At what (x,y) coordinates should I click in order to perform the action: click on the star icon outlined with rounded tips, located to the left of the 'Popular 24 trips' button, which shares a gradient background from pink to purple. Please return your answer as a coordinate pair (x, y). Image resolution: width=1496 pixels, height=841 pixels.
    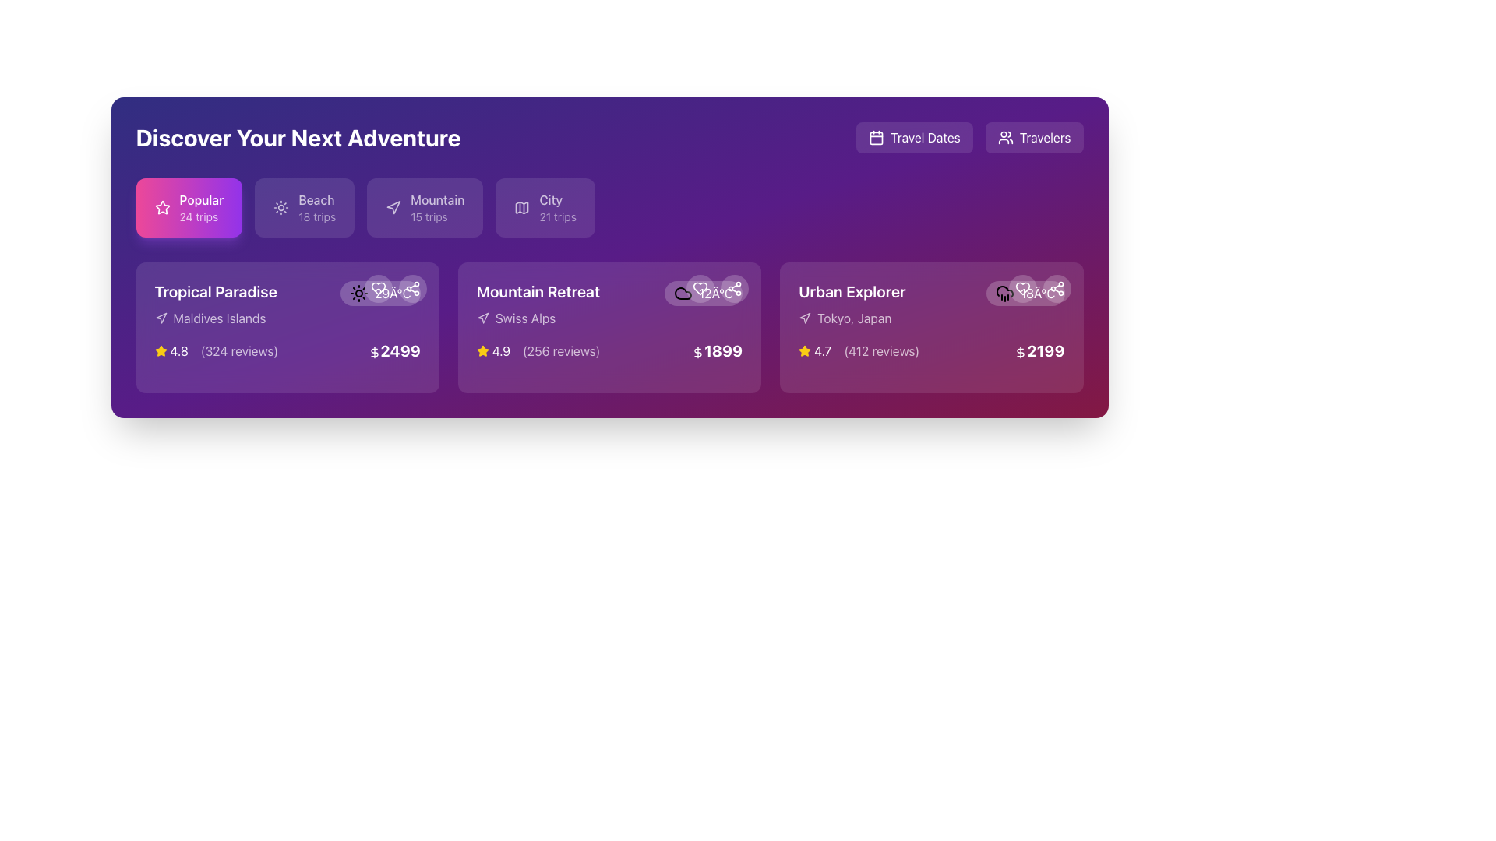
    Looking at the image, I should click on (162, 206).